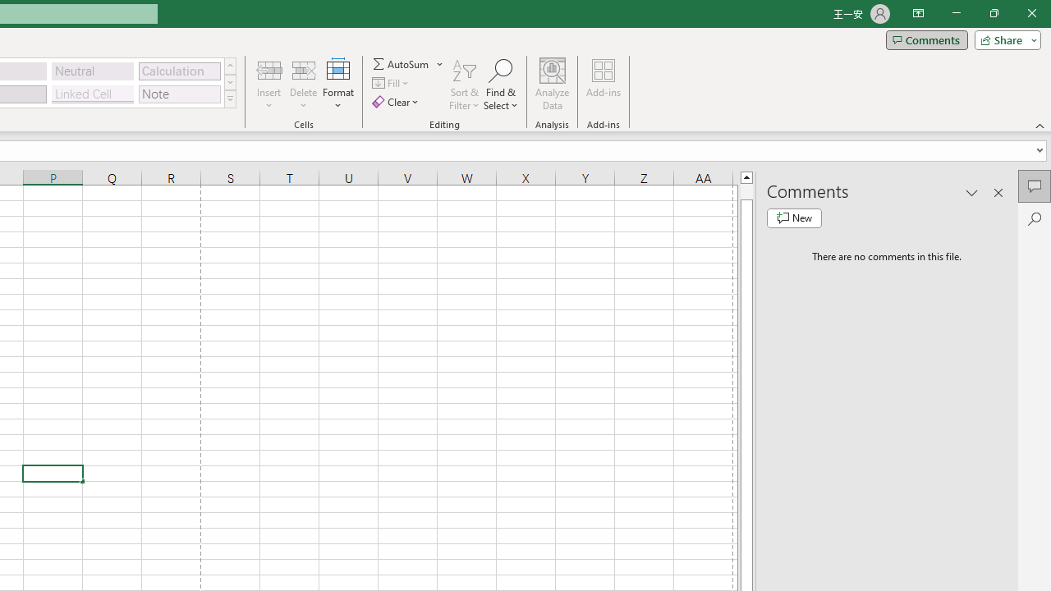  Describe the element at coordinates (392, 83) in the screenshot. I see `'Fill'` at that location.